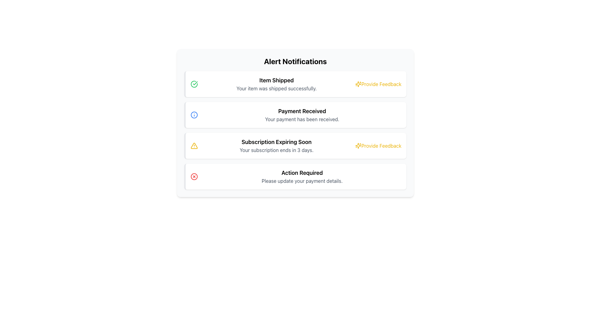 The image size is (592, 333). What do you see at coordinates (302, 119) in the screenshot?
I see `the text label stating 'Your payment has been received.' which is located below the 'Payment Received' heading within the card-styled component` at bounding box center [302, 119].